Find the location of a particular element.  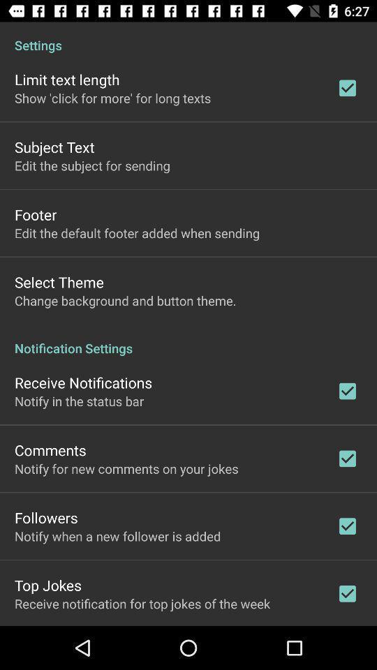

app below notification settings is located at coordinates (83, 382).